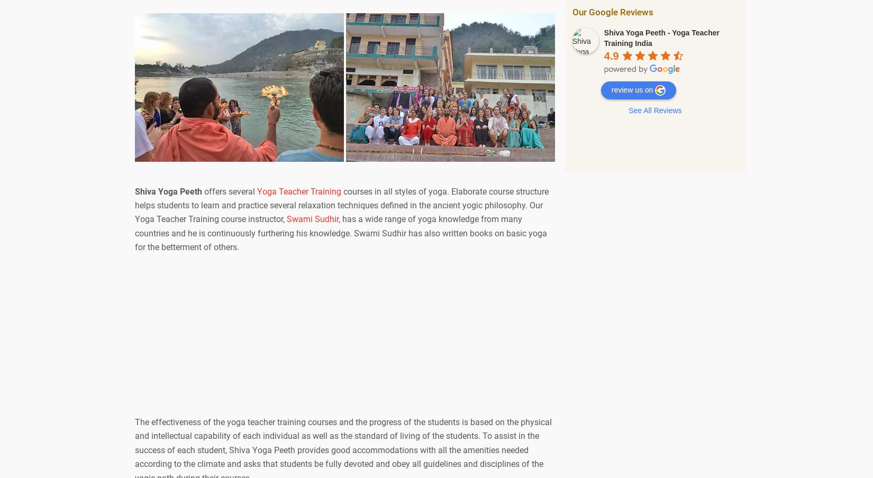 The image size is (873, 478). What do you see at coordinates (168, 190) in the screenshot?
I see `'Shiva Yoga Peeth'` at bounding box center [168, 190].